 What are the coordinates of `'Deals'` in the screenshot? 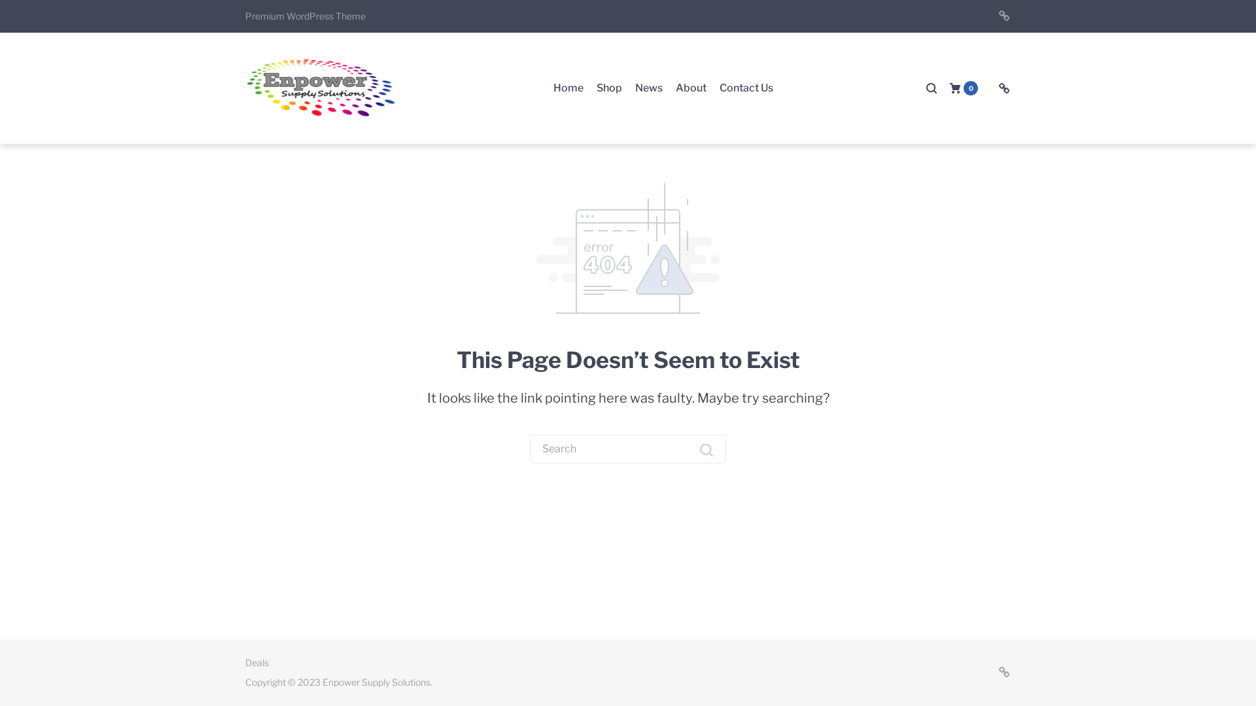 It's located at (997, 16).